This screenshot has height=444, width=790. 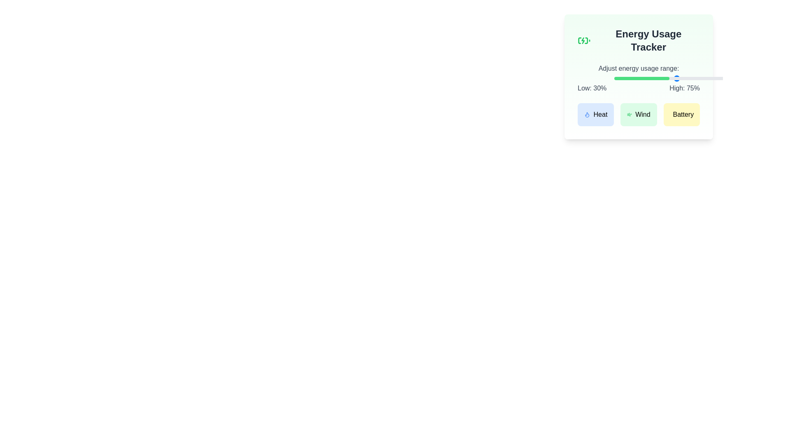 I want to click on the energy usage range, so click(x=668, y=79).